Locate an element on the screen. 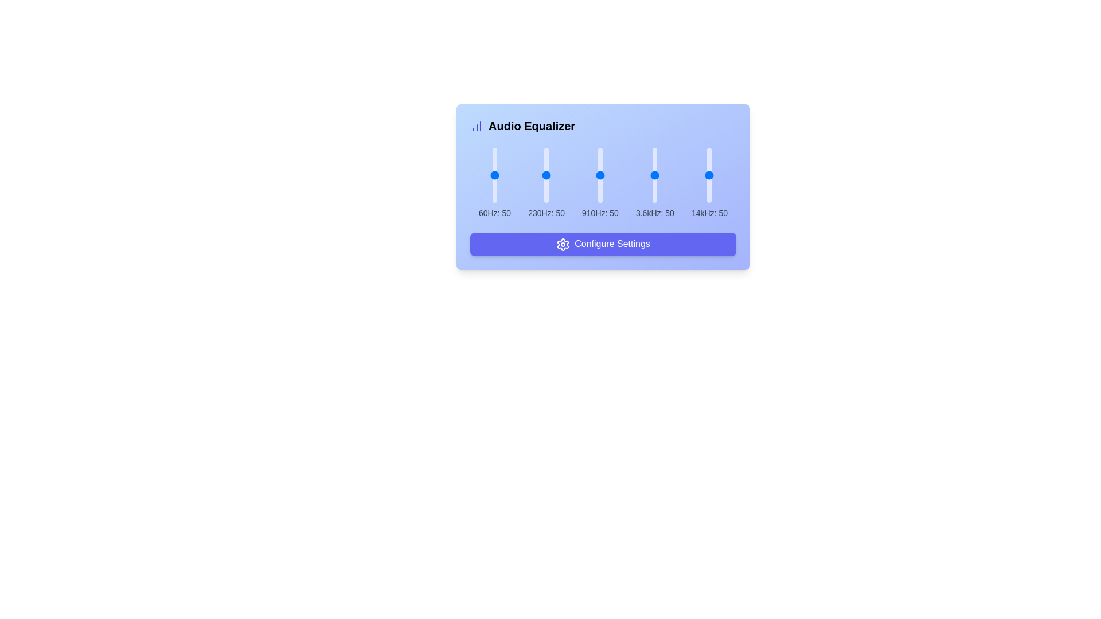  the slider value is located at coordinates (709, 171).